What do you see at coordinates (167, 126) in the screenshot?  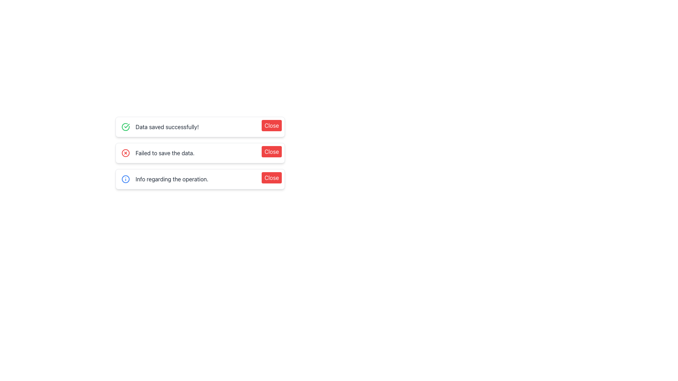 I see `the success message text label that indicates 'Data saved successfully!' located centrally in the notification bar` at bounding box center [167, 126].